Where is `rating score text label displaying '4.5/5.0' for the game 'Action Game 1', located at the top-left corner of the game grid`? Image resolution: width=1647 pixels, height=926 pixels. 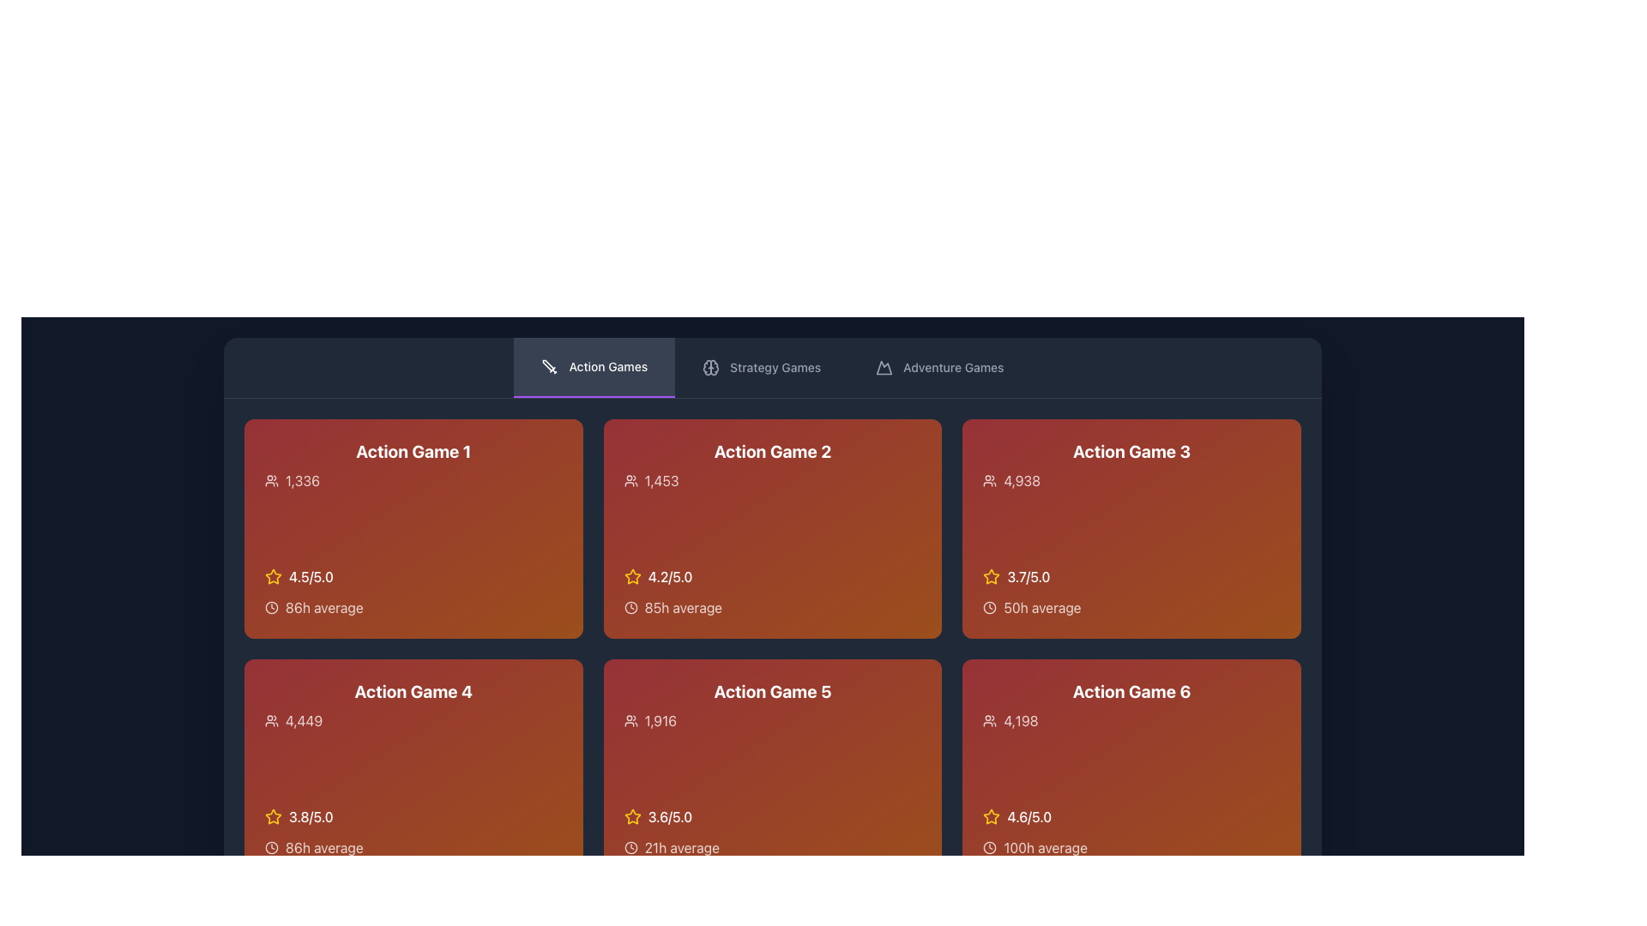
rating score text label displaying '4.5/5.0' for the game 'Action Game 1', located at the top-left corner of the game grid is located at coordinates (311, 576).